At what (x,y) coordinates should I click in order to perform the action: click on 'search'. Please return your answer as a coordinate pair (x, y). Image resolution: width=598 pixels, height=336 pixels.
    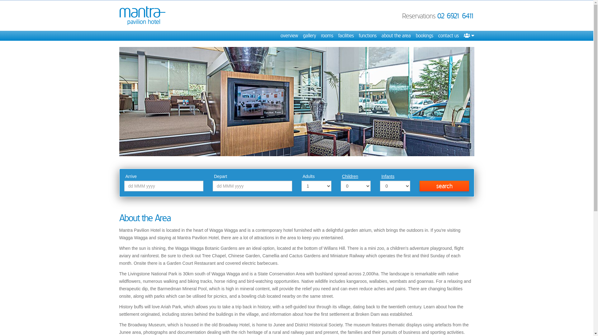
    Looking at the image, I should click on (420, 185).